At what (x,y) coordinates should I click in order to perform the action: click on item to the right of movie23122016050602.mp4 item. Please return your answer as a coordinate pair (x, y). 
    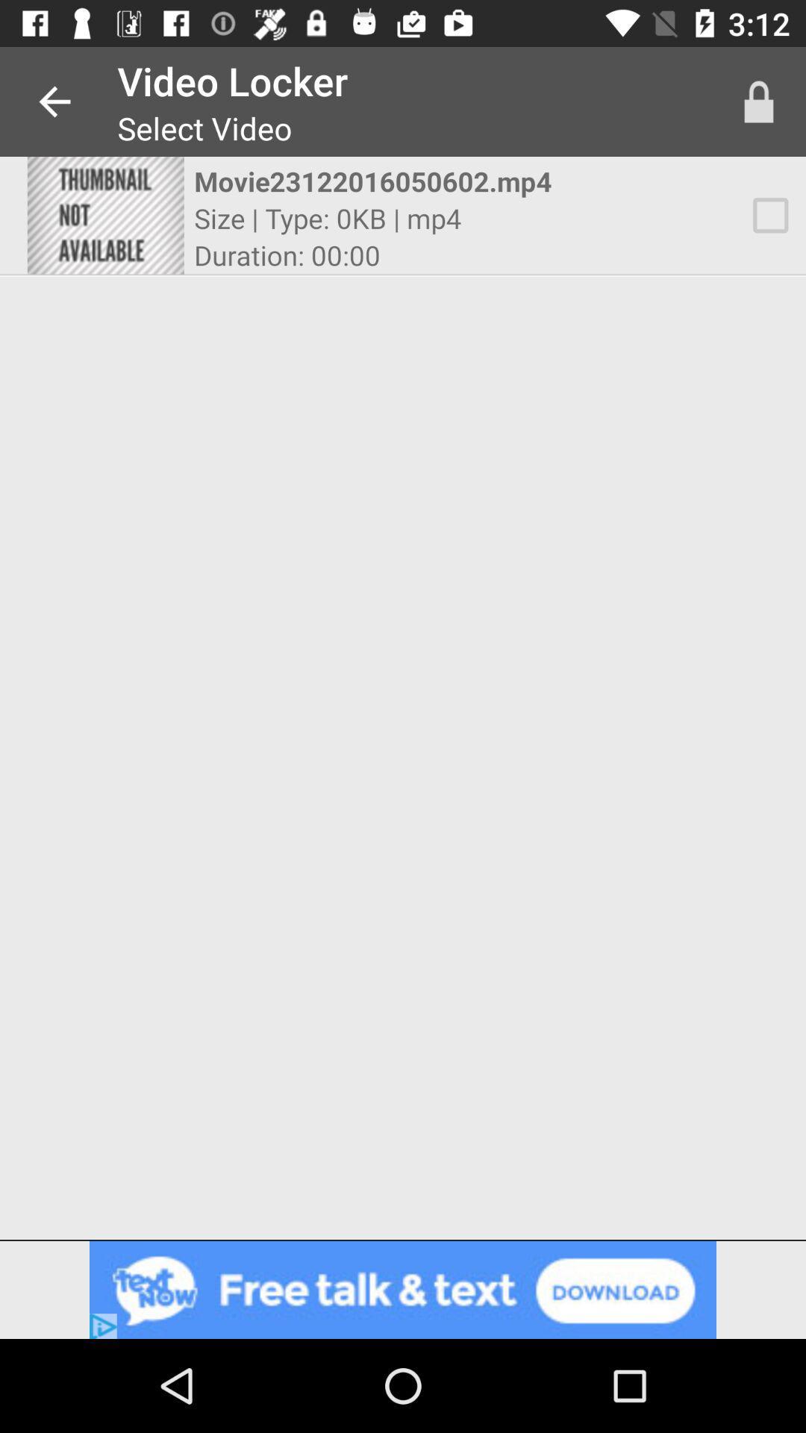
    Looking at the image, I should click on (759, 101).